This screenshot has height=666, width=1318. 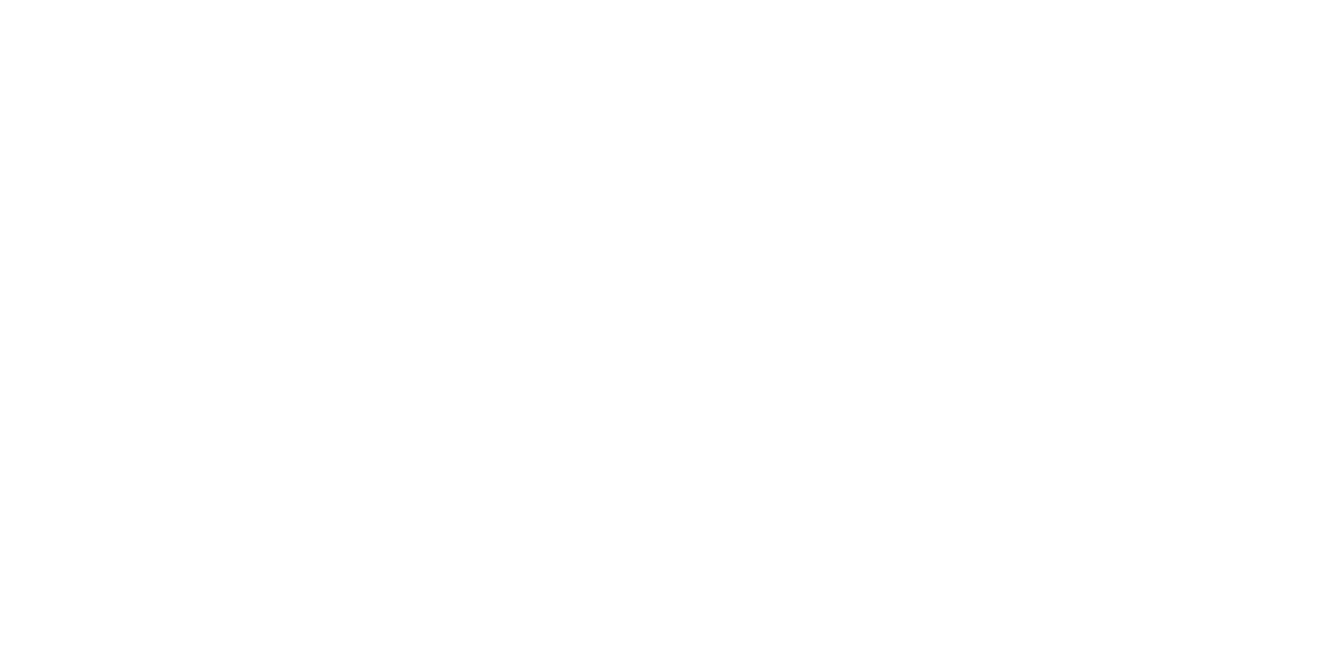 I want to click on 'August 2010', so click(x=866, y=47).